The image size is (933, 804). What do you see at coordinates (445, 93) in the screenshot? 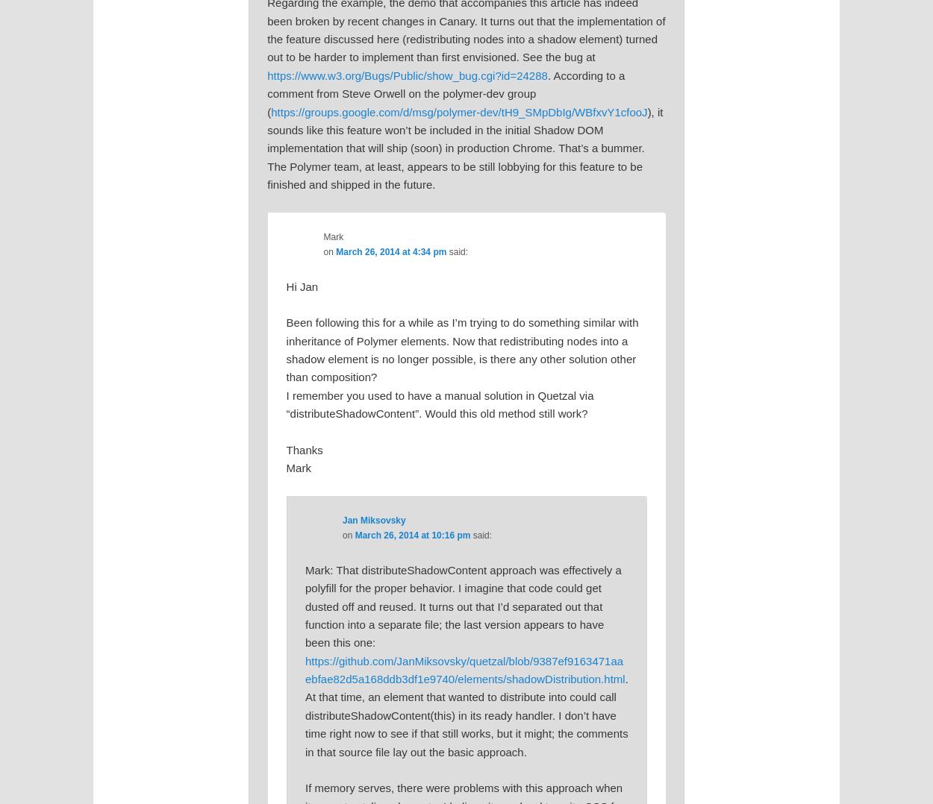
I see `'. According to a comment from Steve Orwell on the polymer-dev group ('` at bounding box center [445, 93].